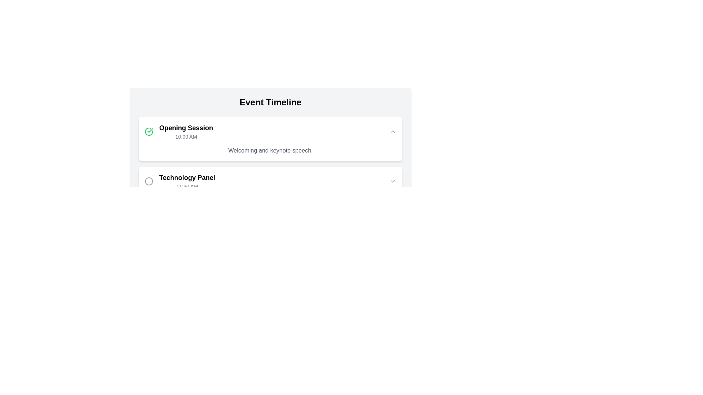  I want to click on the toggle button with a chevron icon located at the upper right corner of the 'Opening Session 10:00 AM' section, so click(393, 131).